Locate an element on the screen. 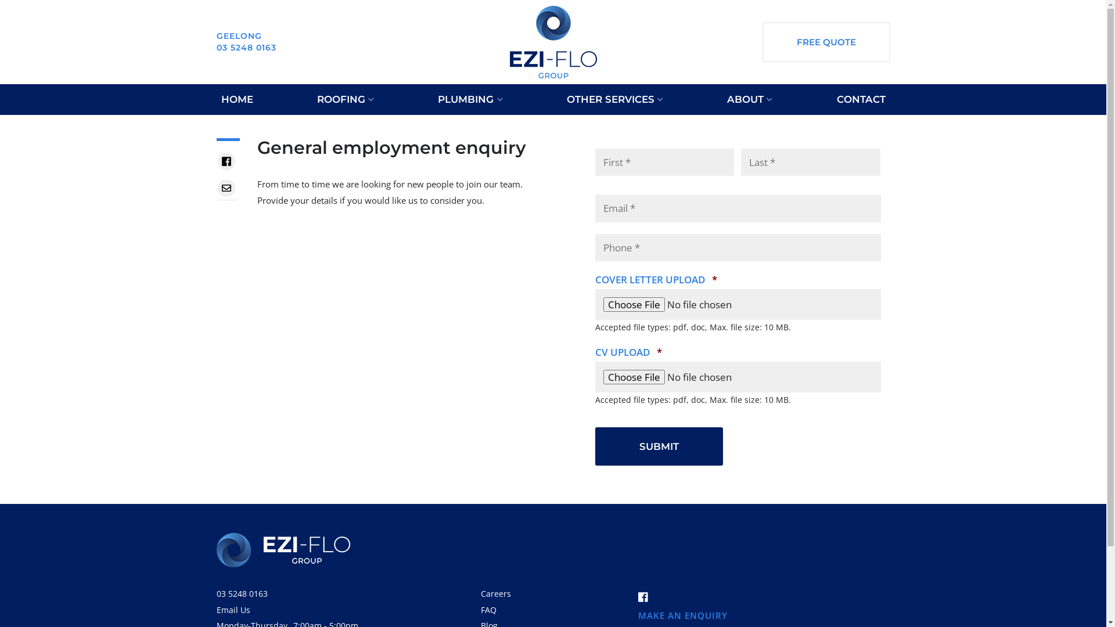 The width and height of the screenshot is (1115, 627). 'FREE QUOTE' is located at coordinates (825, 41).